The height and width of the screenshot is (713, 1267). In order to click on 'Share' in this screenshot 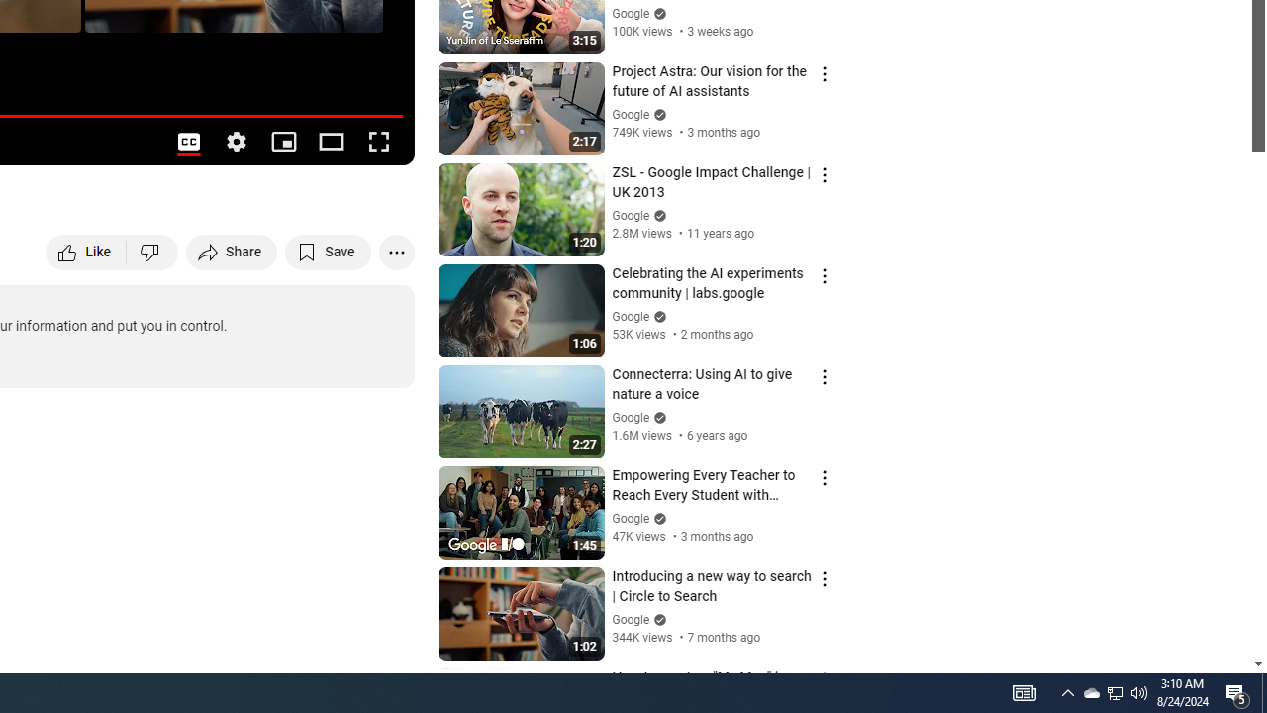, I will do `click(232, 251)`.